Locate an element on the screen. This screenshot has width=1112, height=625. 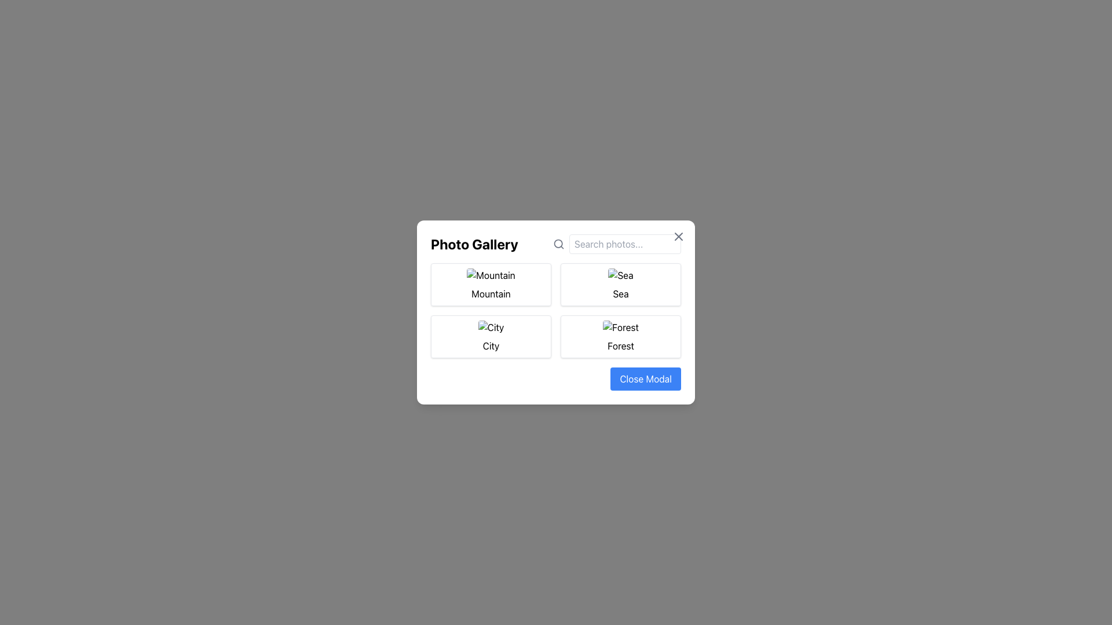
the mountain image in the Photo Gallery modal for selection or enlargement is located at coordinates (491, 275).